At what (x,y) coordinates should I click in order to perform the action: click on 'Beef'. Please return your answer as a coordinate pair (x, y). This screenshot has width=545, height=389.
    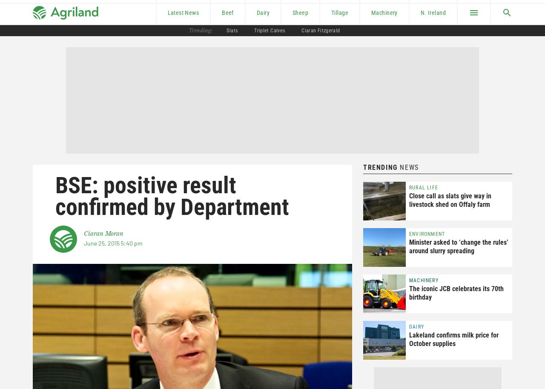
    Looking at the image, I should click on (227, 12).